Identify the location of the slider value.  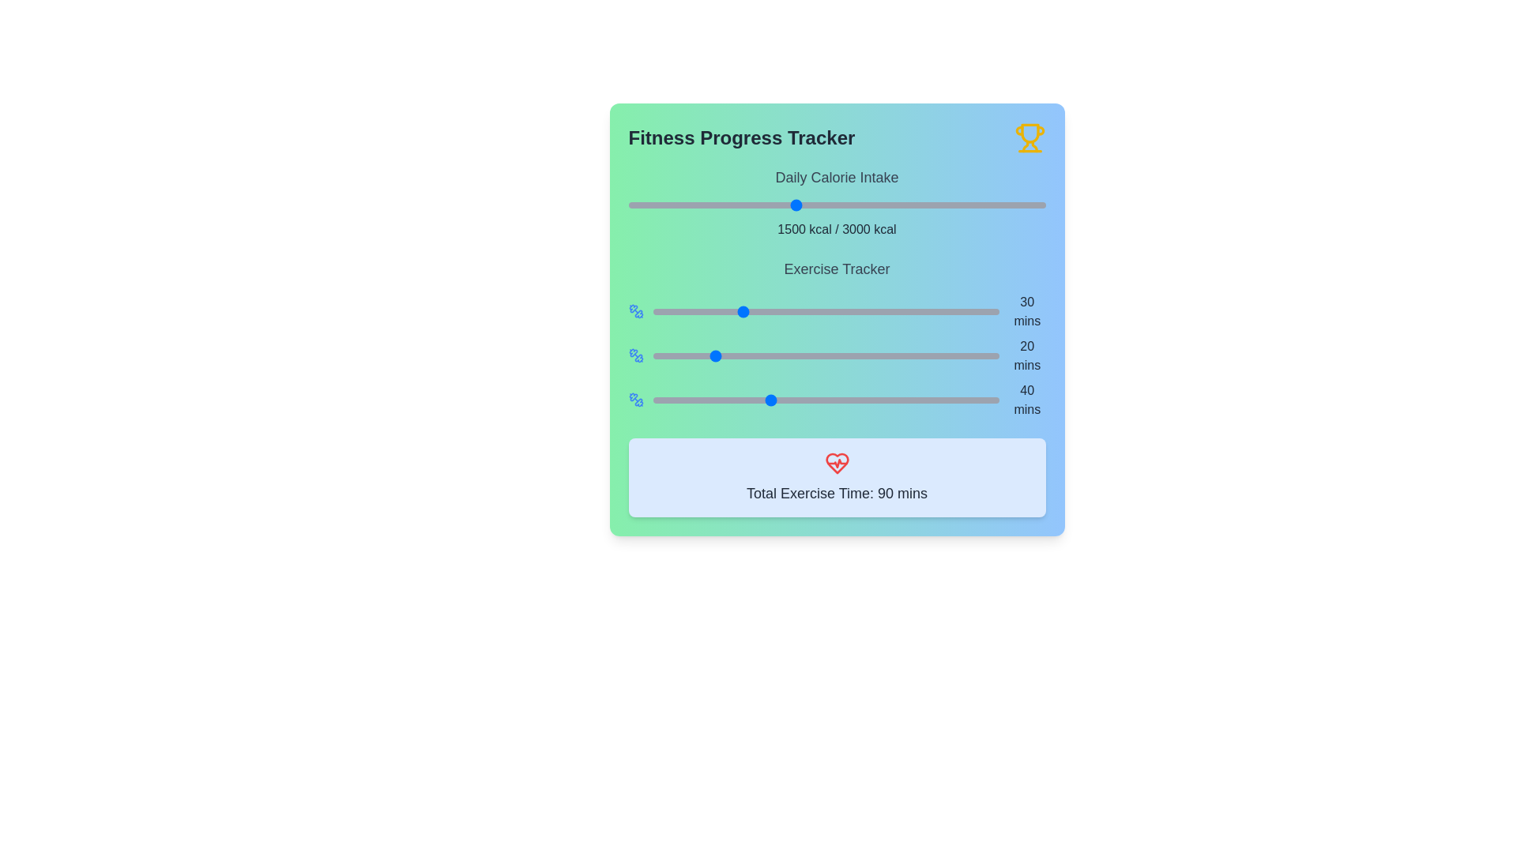
(730, 356).